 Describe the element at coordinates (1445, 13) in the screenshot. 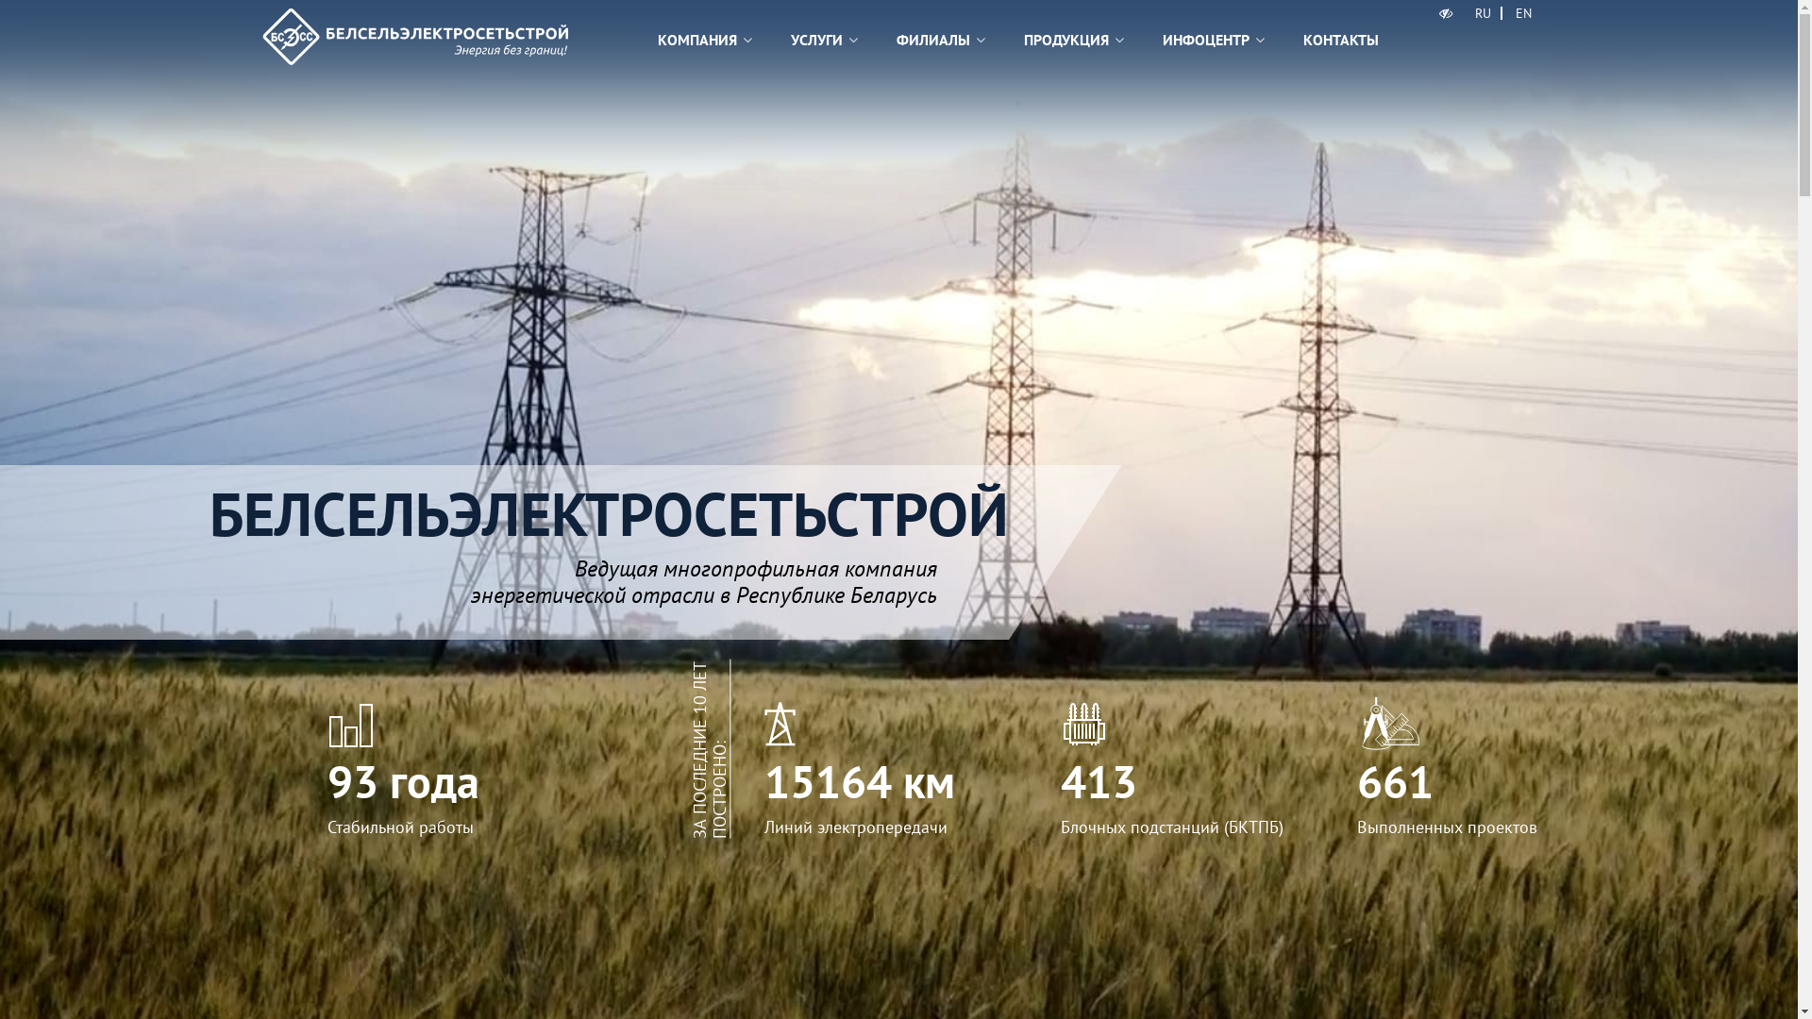

I see `' '` at that location.